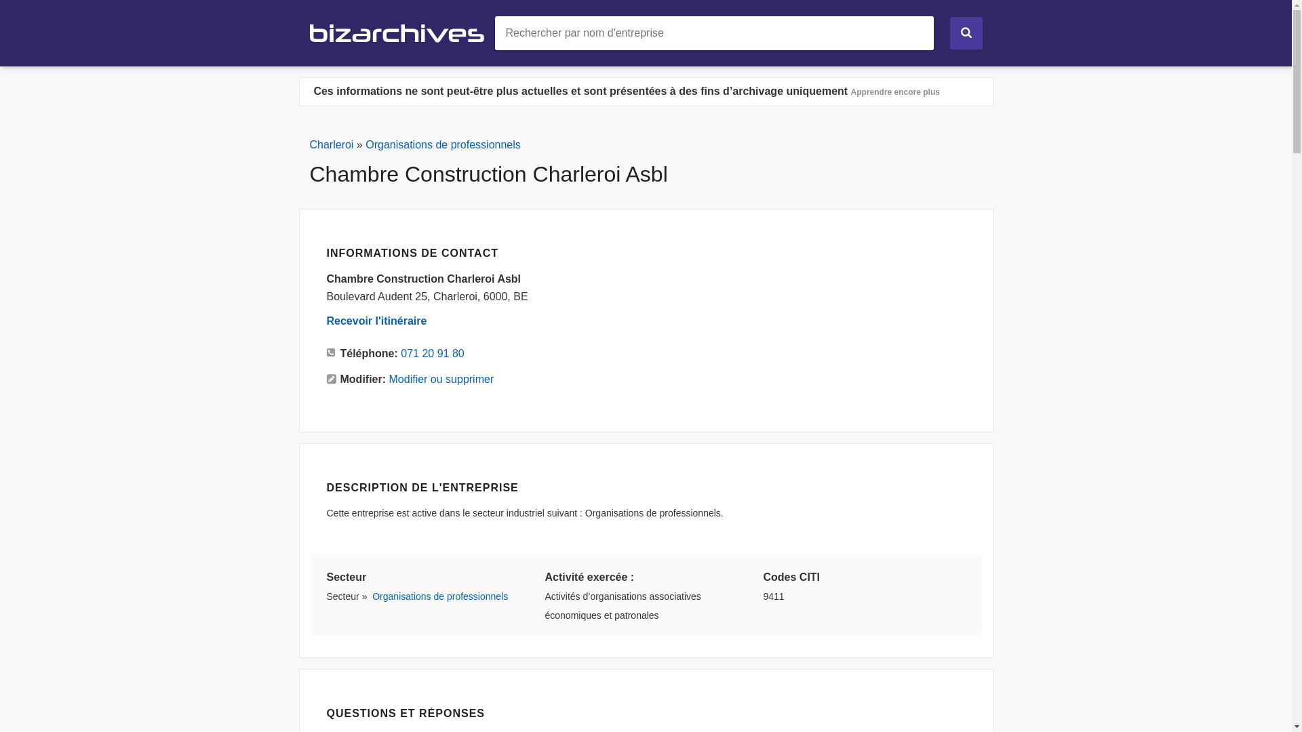  Describe the element at coordinates (309, 31) in the screenshot. I see `'Page d'` at that location.